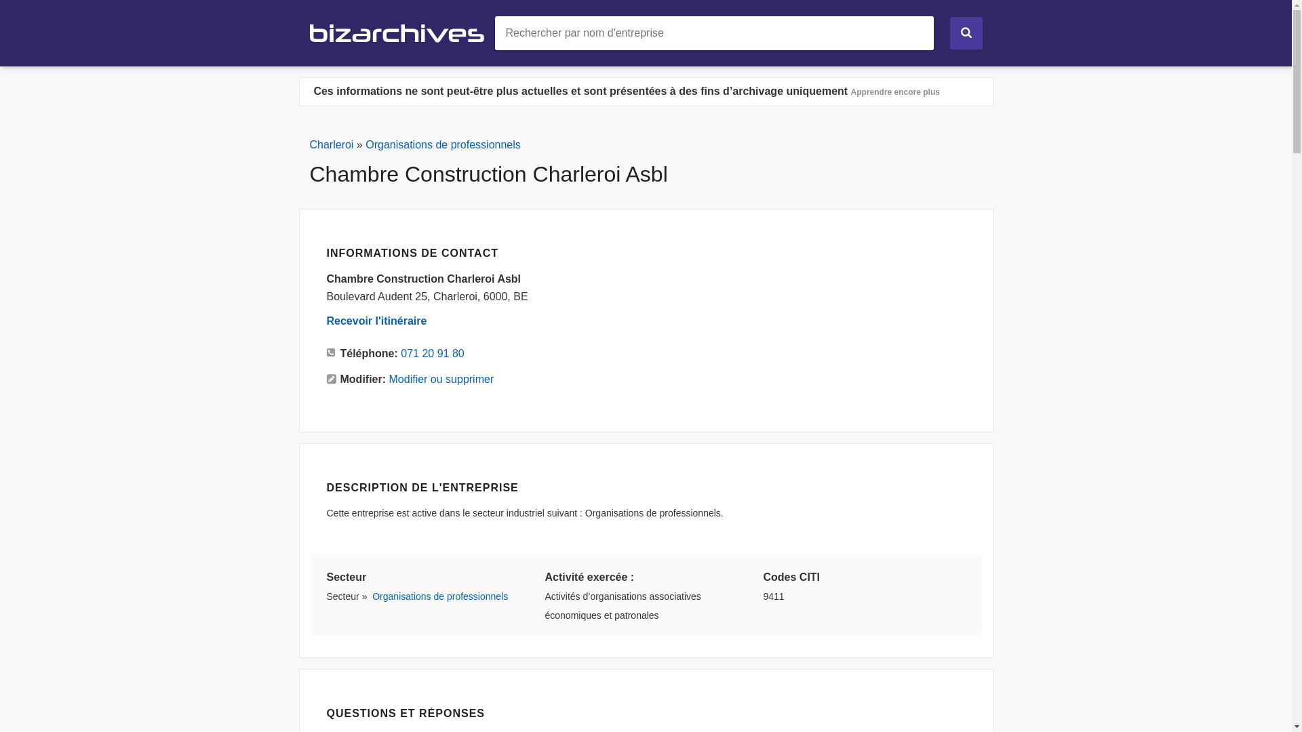  Describe the element at coordinates (309, 31) in the screenshot. I see `'Page d'` at that location.